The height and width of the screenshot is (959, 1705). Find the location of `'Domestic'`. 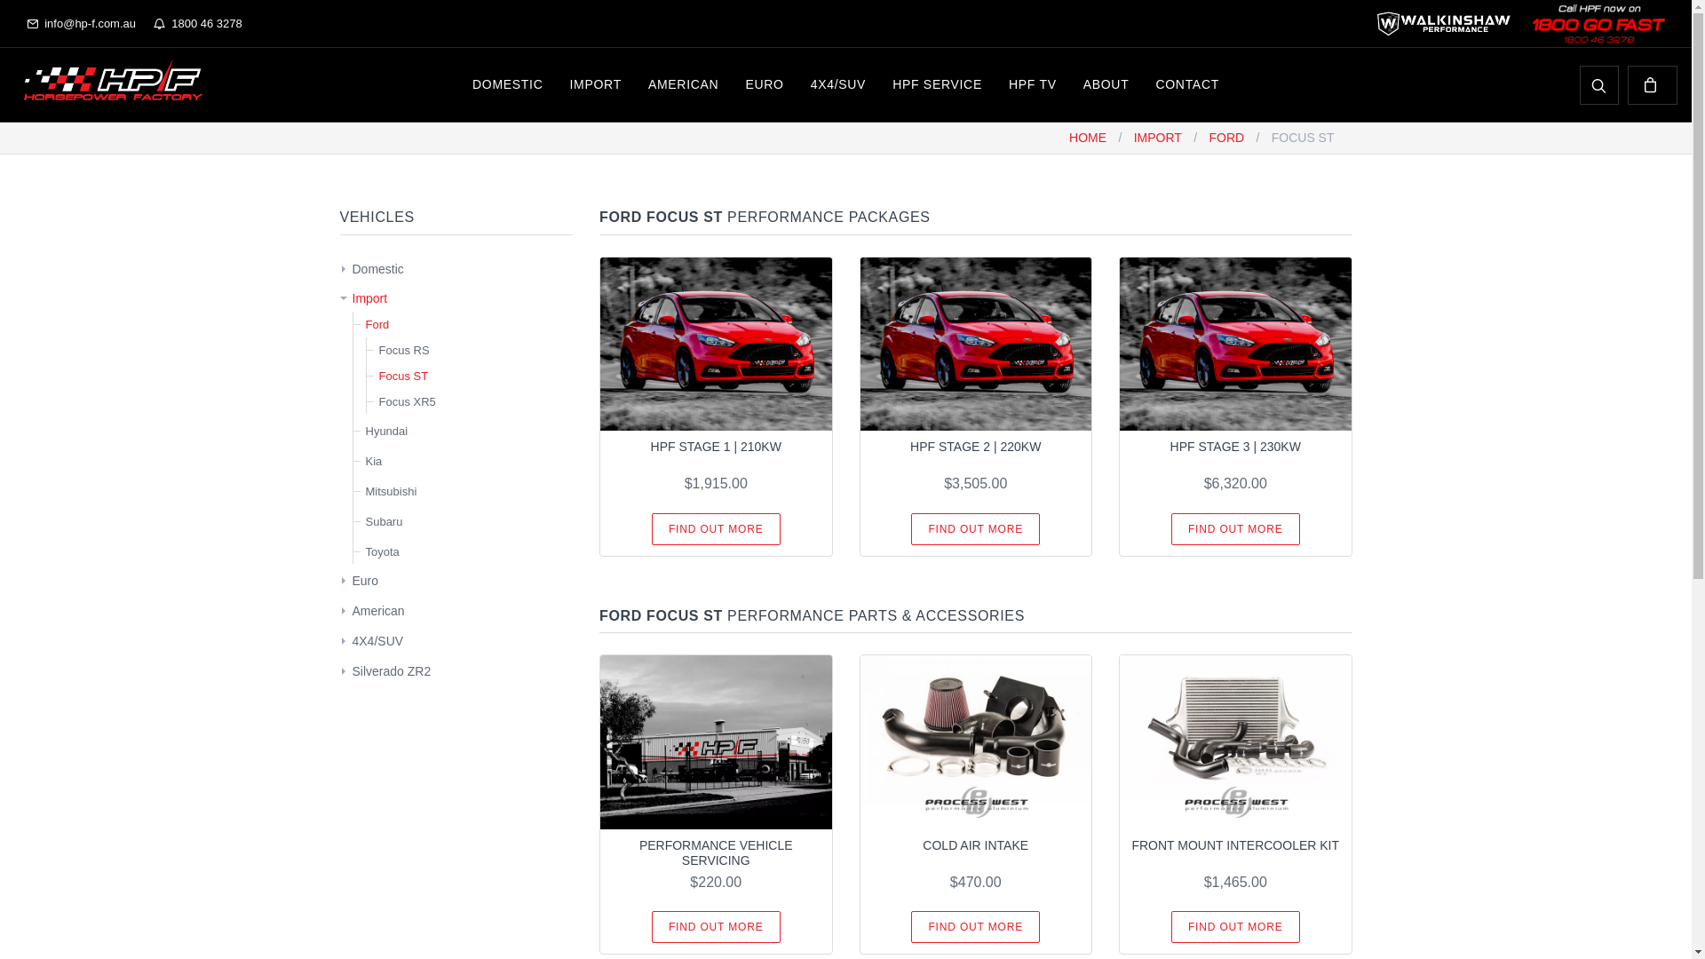

'Domestic' is located at coordinates (377, 269).